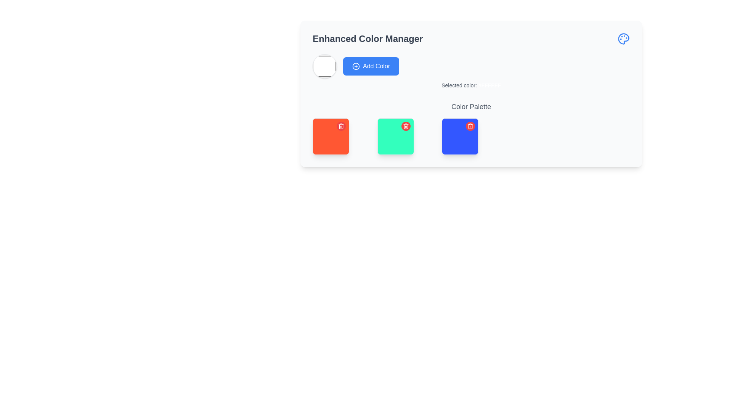 This screenshot has width=732, height=412. I want to click on the delete button located in the top-right corner of the second color card (green) in the 'Color Palette' section, so click(405, 126).